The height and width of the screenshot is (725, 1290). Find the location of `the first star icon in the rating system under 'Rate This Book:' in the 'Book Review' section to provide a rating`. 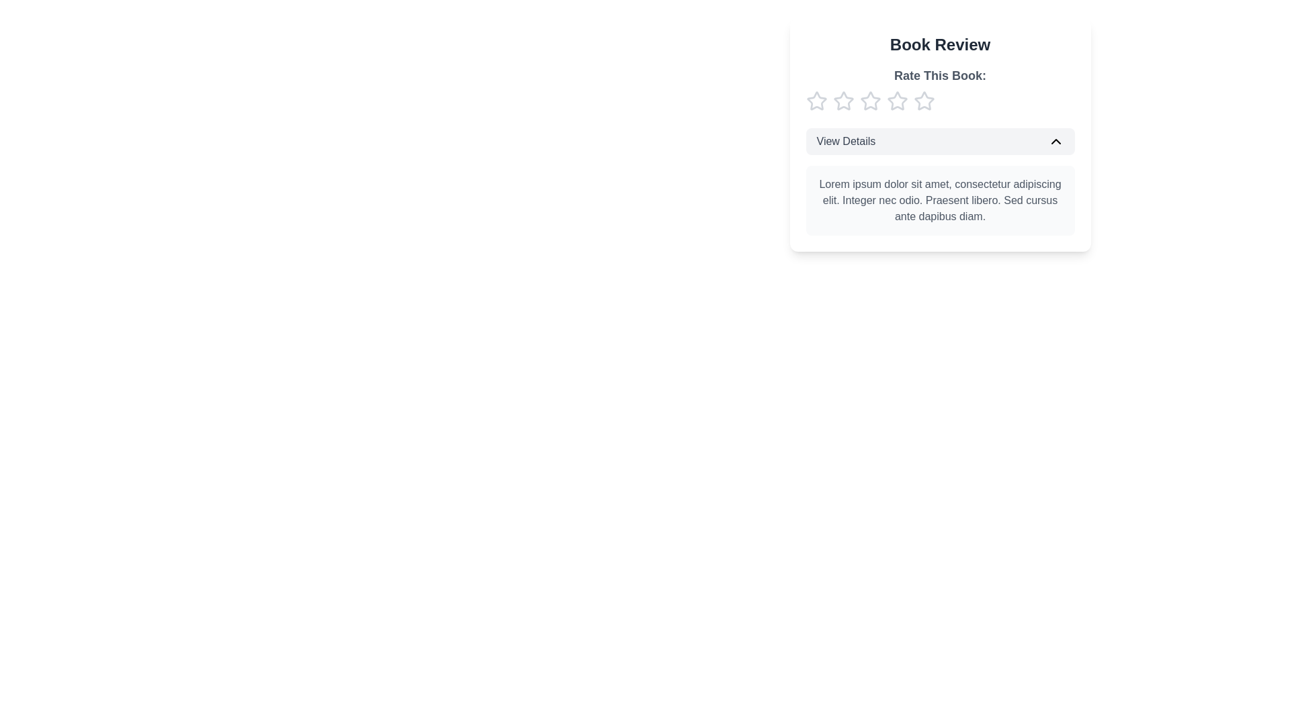

the first star icon in the rating system under 'Rate This Book:' in the 'Book Review' section to provide a rating is located at coordinates (816, 100).